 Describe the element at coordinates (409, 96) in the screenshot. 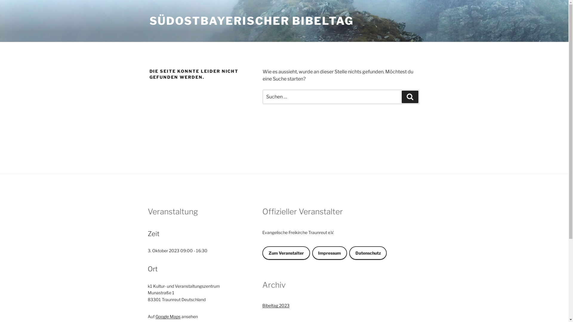

I see `'Suchen'` at that location.